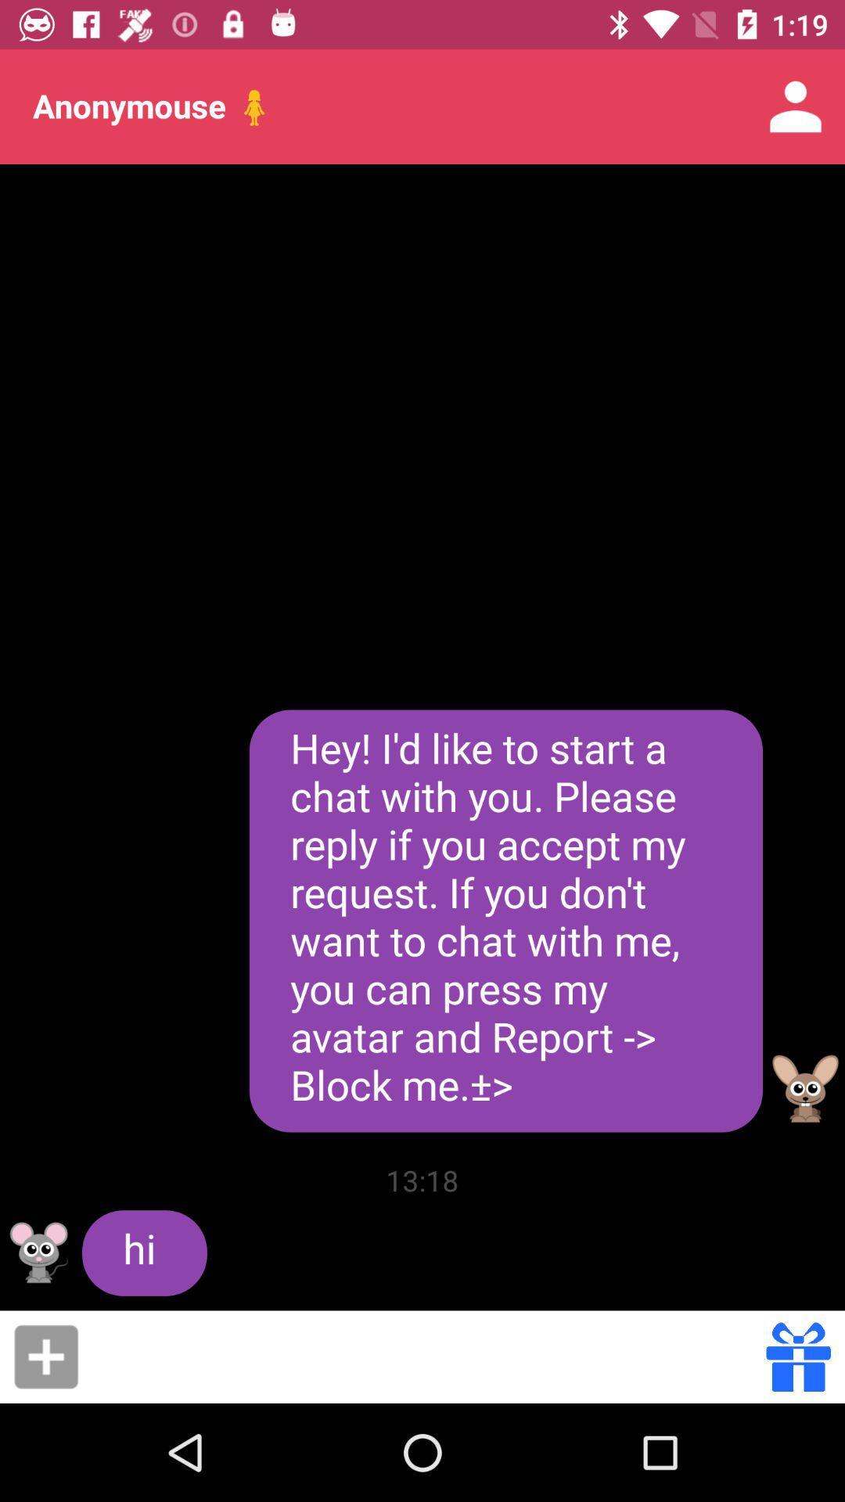  Describe the element at coordinates (45, 1356) in the screenshot. I see `orange box flashing on adding files sign` at that location.